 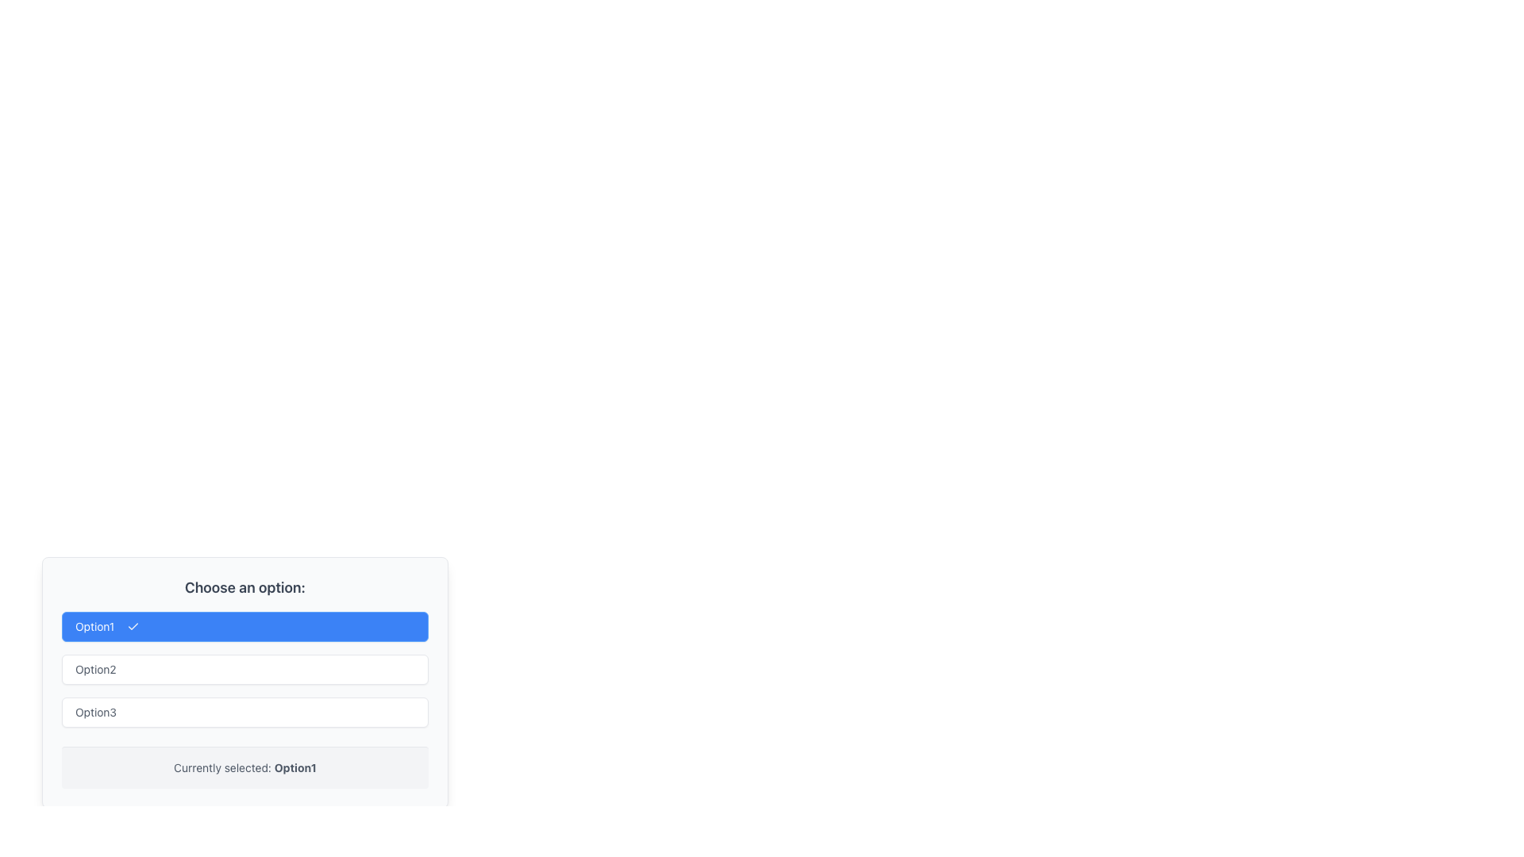 I want to click on the text label displaying 'Option2', so click(x=94, y=670).